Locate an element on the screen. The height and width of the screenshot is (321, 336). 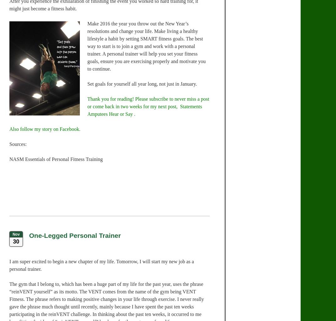
'Nov' is located at coordinates (15, 234).